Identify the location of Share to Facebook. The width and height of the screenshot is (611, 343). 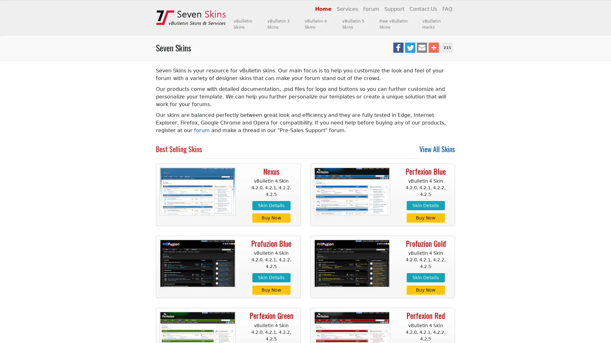
(398, 47).